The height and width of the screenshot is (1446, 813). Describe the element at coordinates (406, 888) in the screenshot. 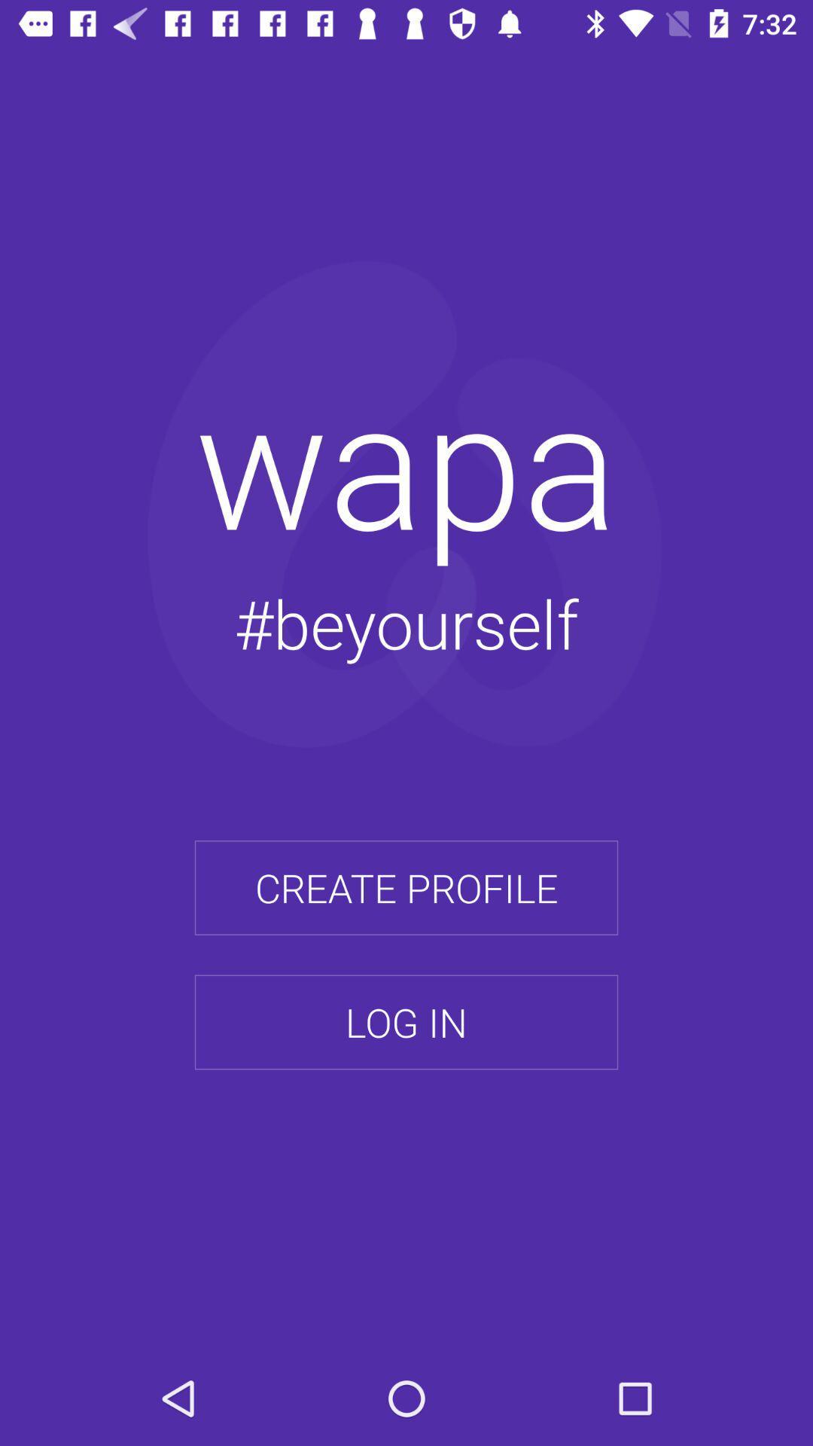

I see `the create profile item` at that location.